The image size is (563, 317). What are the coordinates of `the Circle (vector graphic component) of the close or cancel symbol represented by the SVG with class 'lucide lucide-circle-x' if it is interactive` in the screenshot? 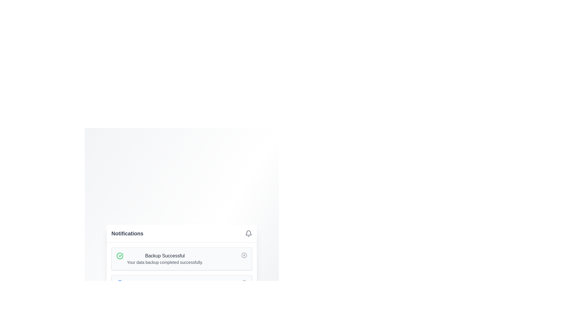 It's located at (244, 255).